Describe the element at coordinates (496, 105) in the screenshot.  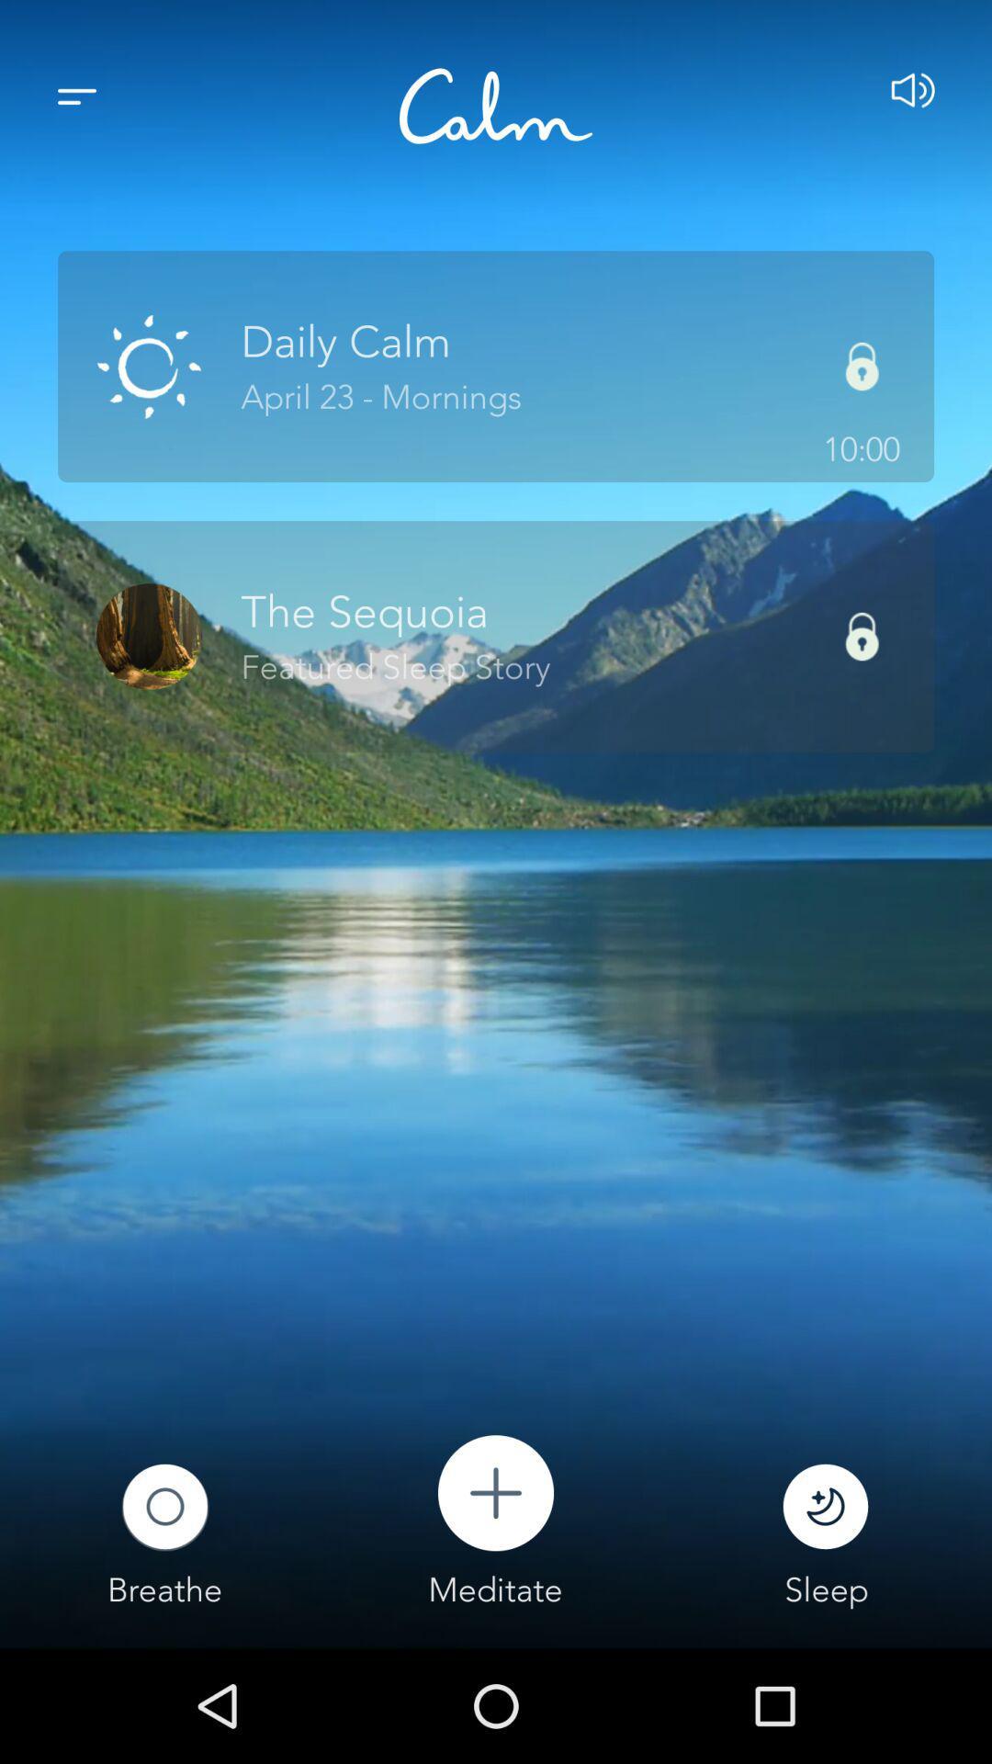
I see `the font icon` at that location.